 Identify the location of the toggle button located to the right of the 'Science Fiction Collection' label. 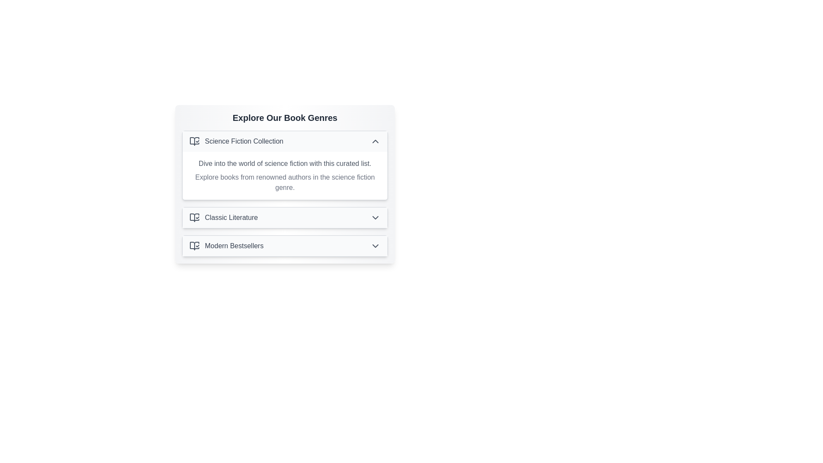
(375, 141).